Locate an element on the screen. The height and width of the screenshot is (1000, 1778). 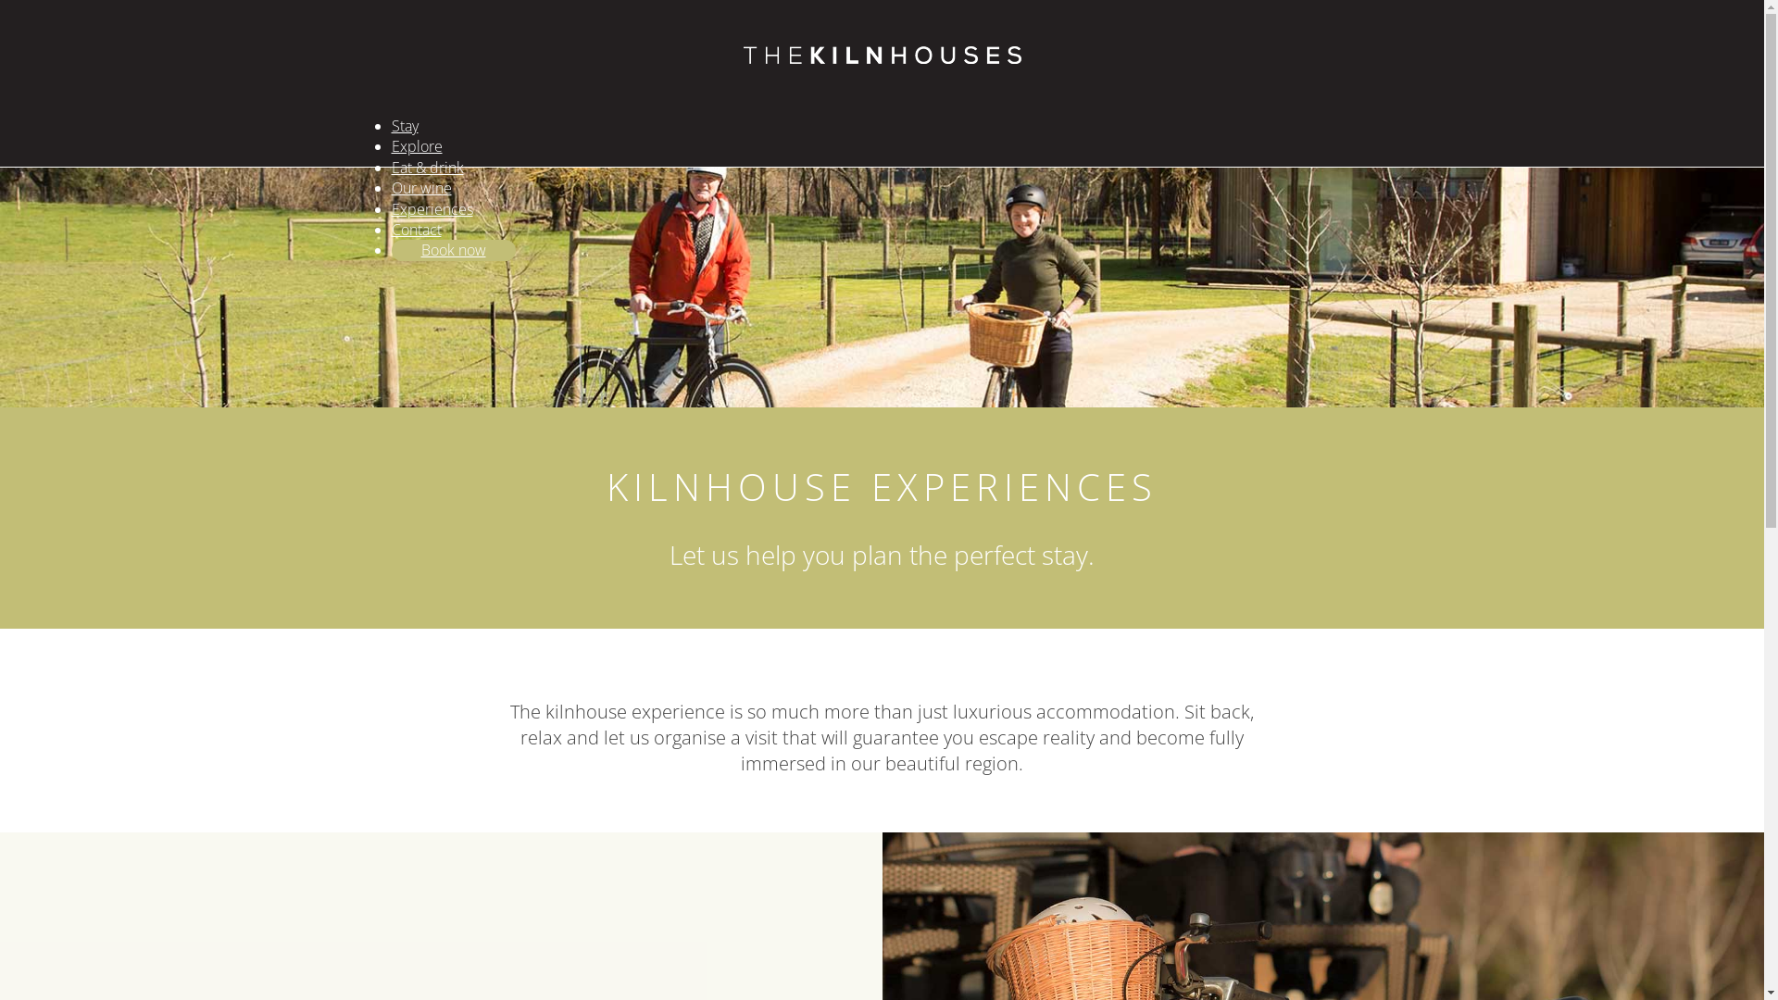
'Experiences' is located at coordinates (430, 208).